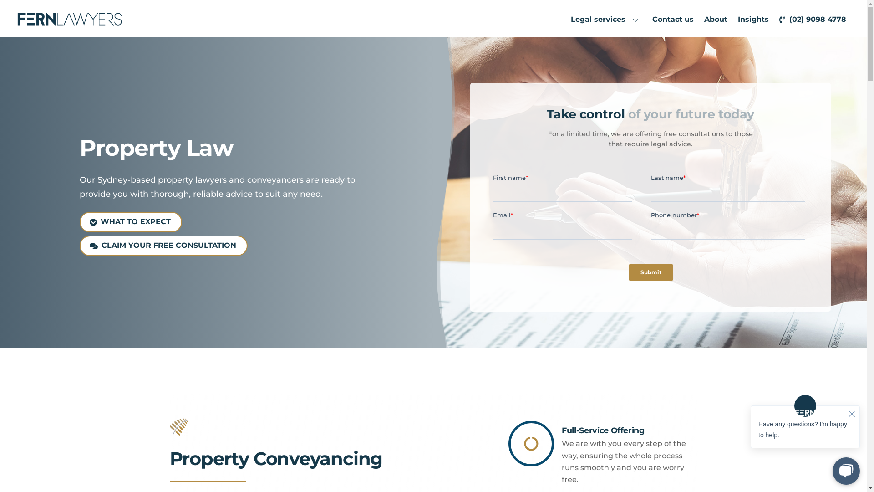  What do you see at coordinates (673, 19) in the screenshot?
I see `'Contact us'` at bounding box center [673, 19].